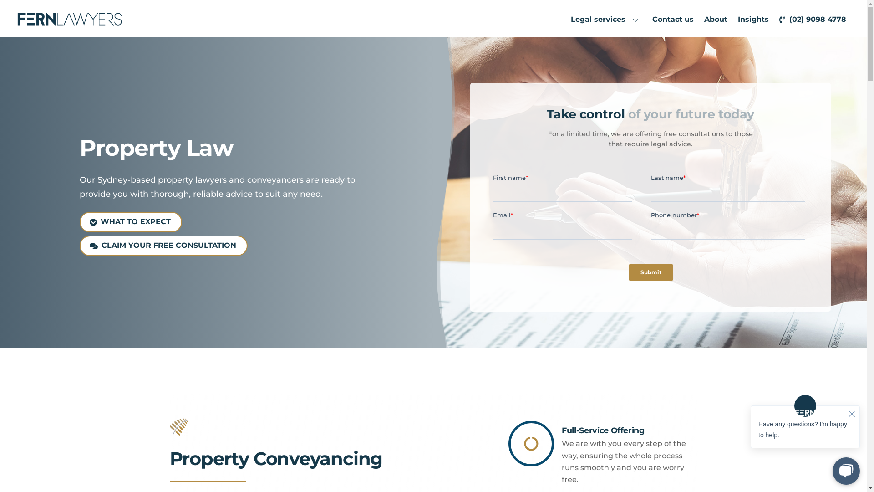  What do you see at coordinates (673, 19) in the screenshot?
I see `'Contact us'` at bounding box center [673, 19].